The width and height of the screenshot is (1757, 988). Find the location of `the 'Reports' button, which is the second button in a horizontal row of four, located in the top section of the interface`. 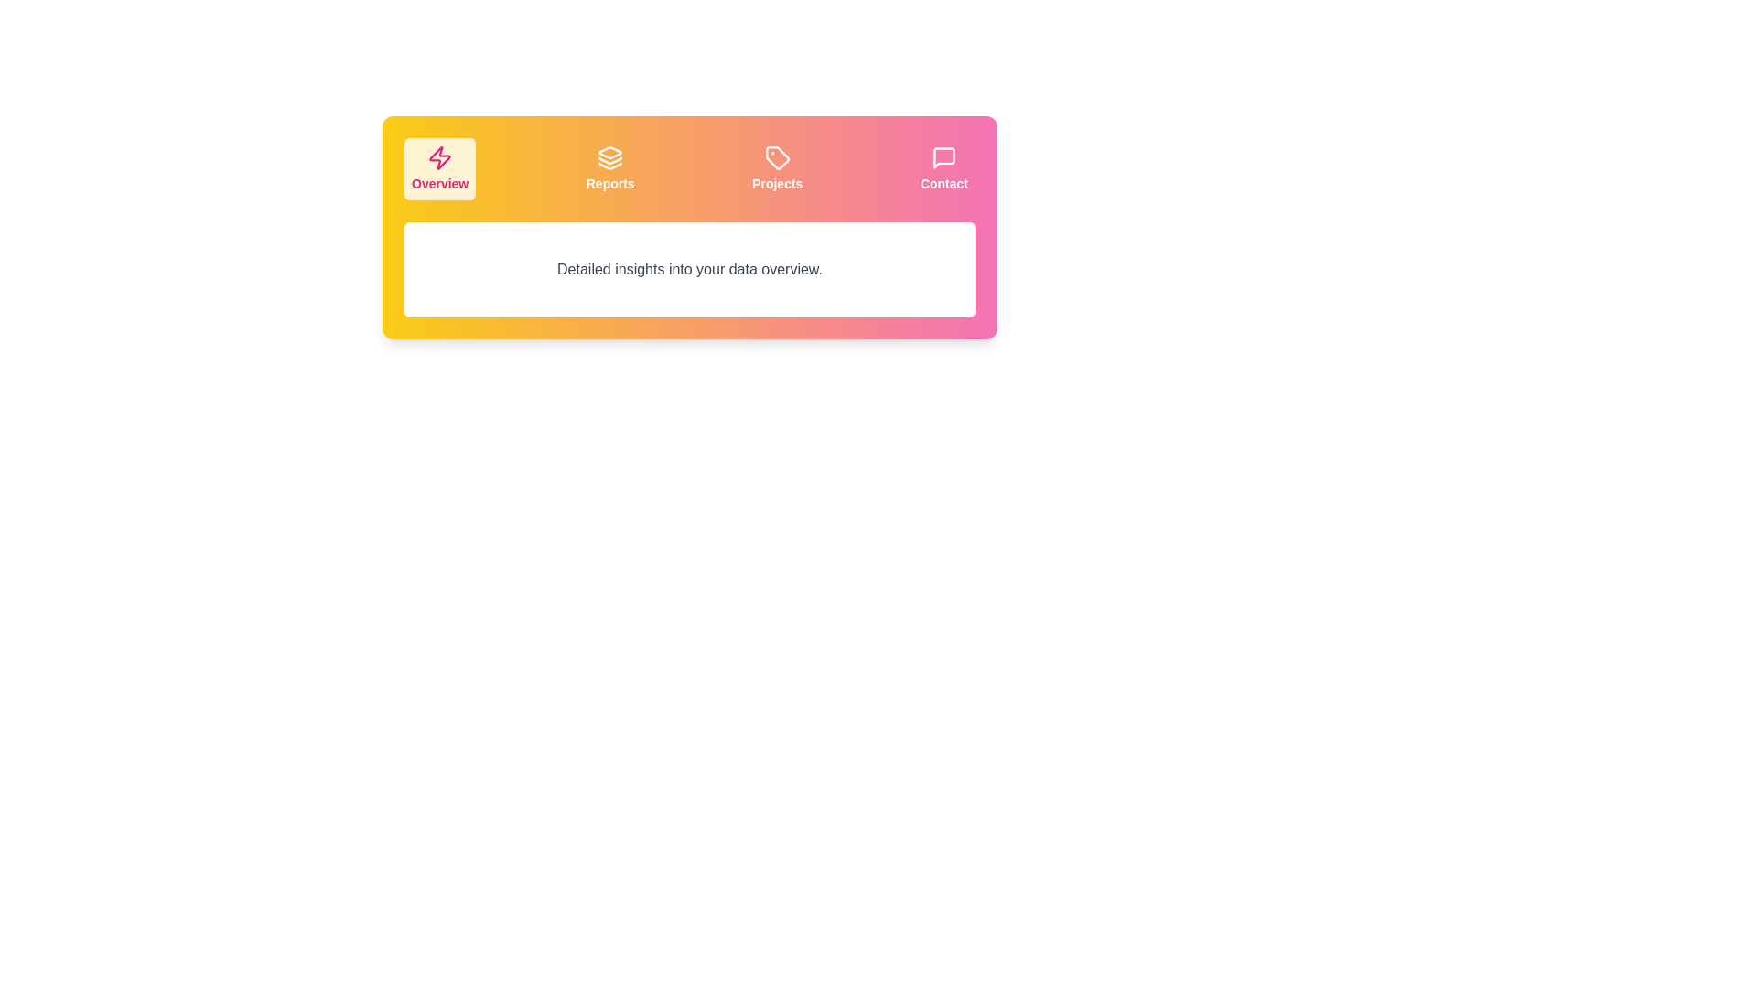

the 'Reports' button, which is the second button in a horizontal row of four, located in the top section of the interface is located at coordinates (610, 169).